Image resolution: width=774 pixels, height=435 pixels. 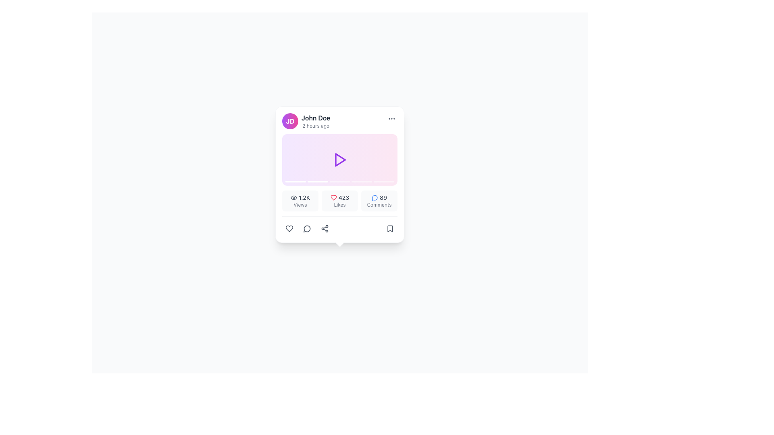 I want to click on the play button icon located in the center of the gradient-colored displayed area to potentially reveal a tooltip, so click(x=340, y=160).